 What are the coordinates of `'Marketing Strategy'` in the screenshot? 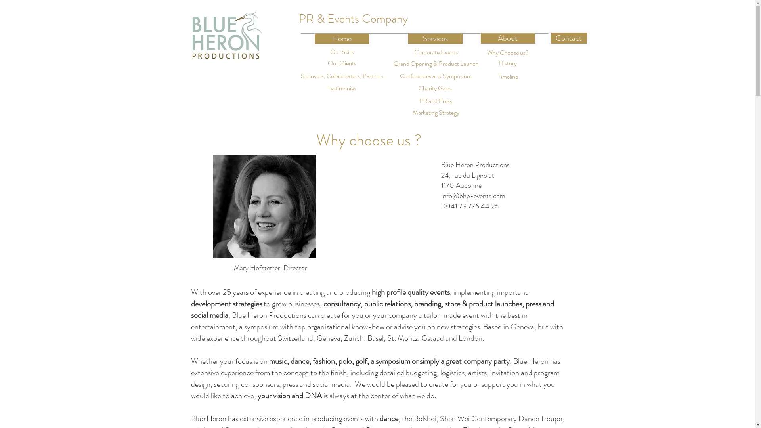 It's located at (435, 113).